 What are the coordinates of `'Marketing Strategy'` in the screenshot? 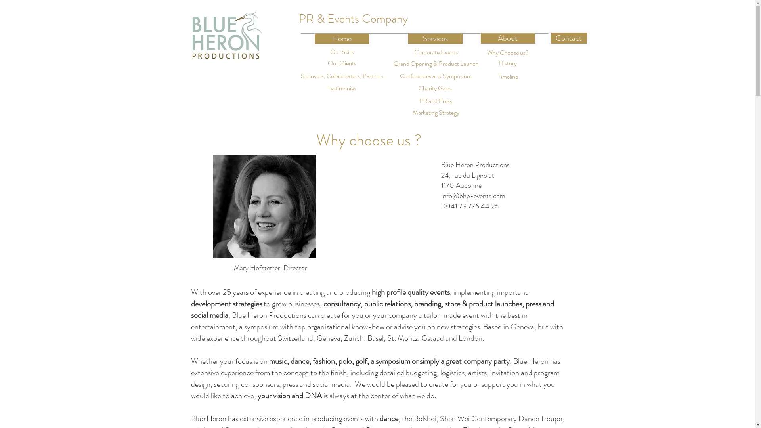 It's located at (435, 113).